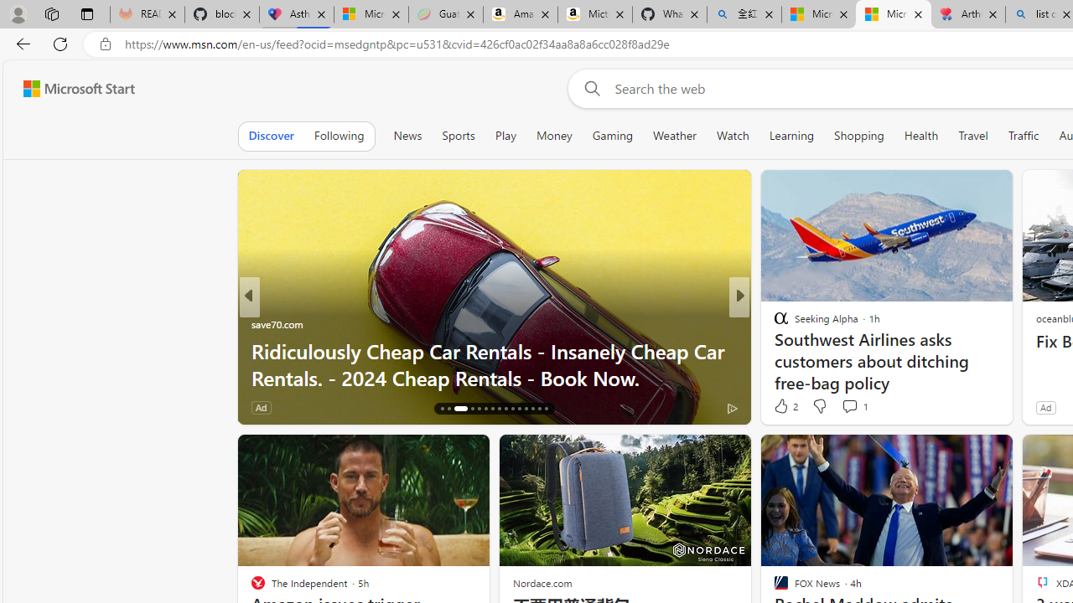 The height and width of the screenshot is (603, 1073). I want to click on 'View comments 4 Comment', so click(855, 407).